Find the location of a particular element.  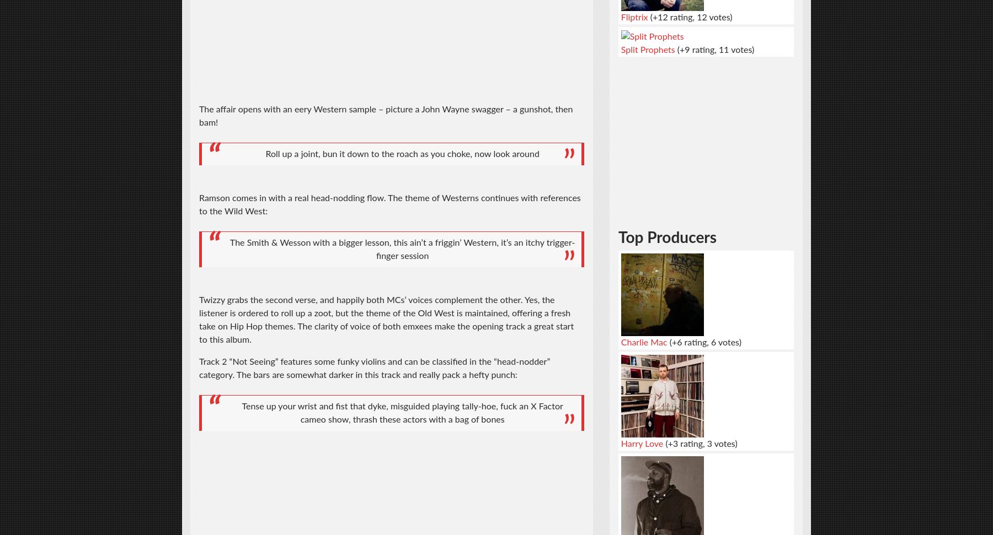

'(+12 rating, 12 votes)' is located at coordinates (690, 17).